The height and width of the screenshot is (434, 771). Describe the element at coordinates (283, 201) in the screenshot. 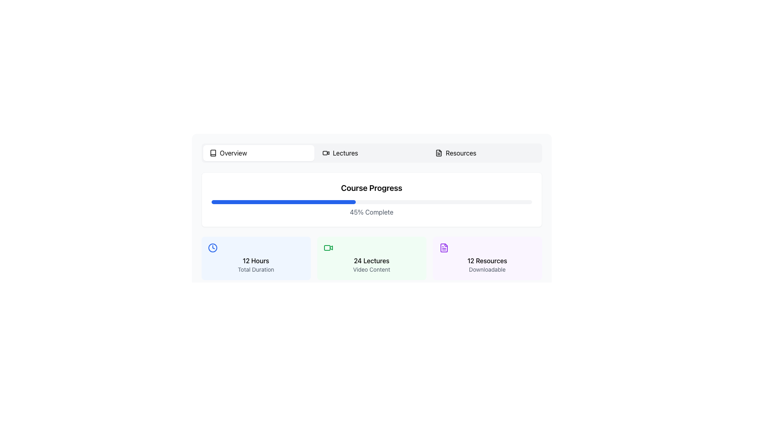

I see `the progress visually by checking the filled segment of the progress bar indicating 45% completion within the 'Course Progress' section` at that location.